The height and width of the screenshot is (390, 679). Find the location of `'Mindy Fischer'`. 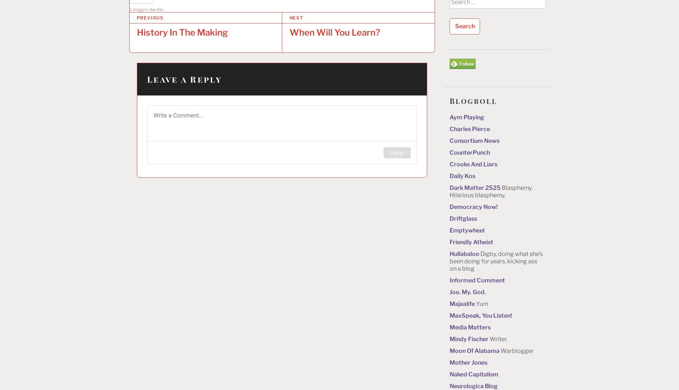

'Mindy Fischer' is located at coordinates (468, 338).